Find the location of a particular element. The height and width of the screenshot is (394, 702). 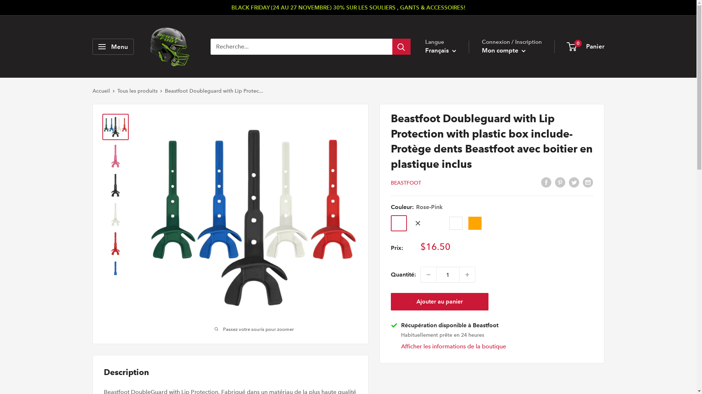

'Accueil' is located at coordinates (92, 90).